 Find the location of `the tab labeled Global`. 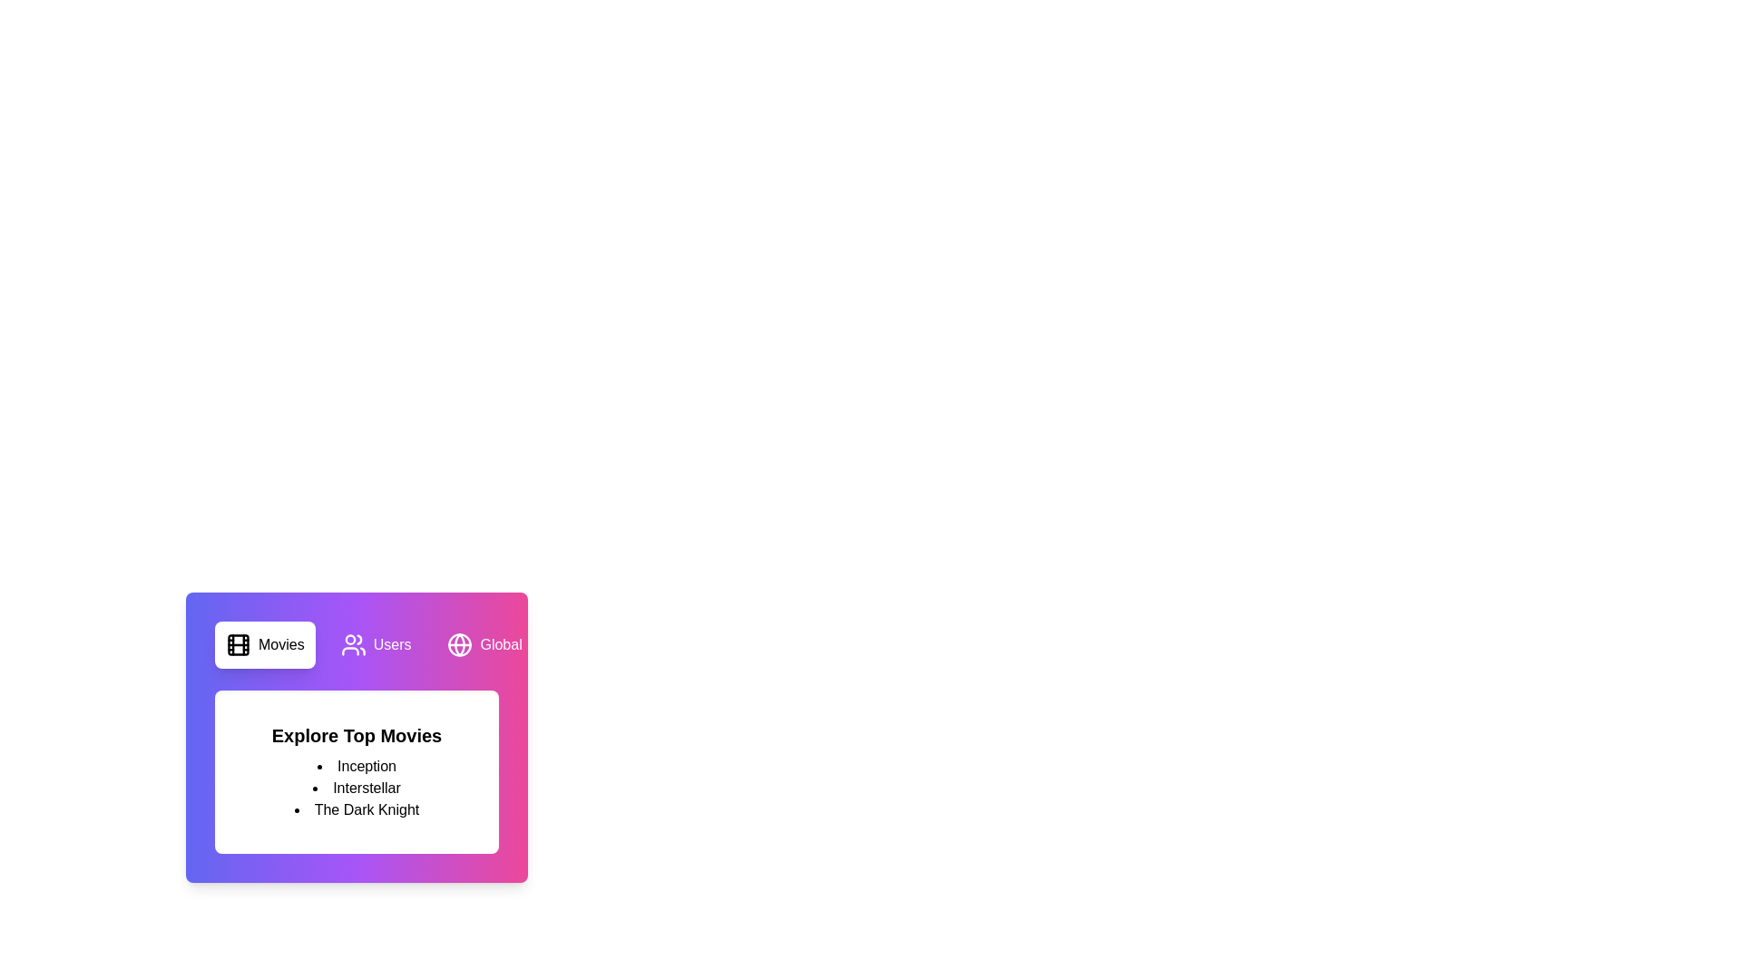

the tab labeled Global is located at coordinates (484, 643).